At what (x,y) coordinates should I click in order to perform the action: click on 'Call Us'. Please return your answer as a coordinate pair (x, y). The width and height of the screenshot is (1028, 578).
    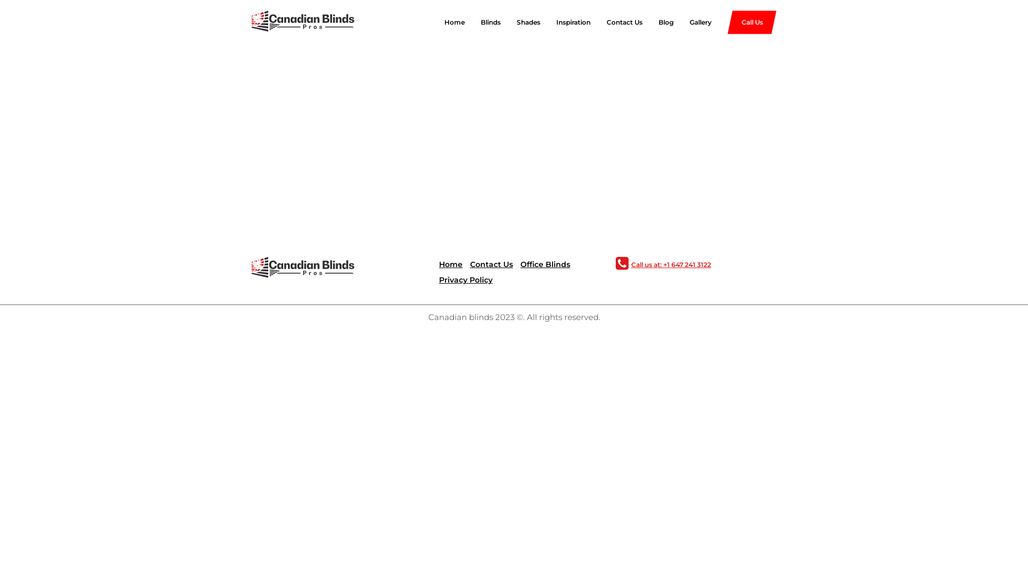
    Looking at the image, I should click on (751, 22).